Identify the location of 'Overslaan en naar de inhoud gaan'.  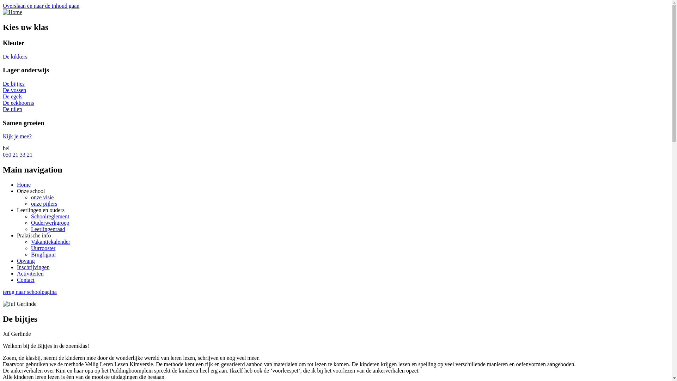
(3, 6).